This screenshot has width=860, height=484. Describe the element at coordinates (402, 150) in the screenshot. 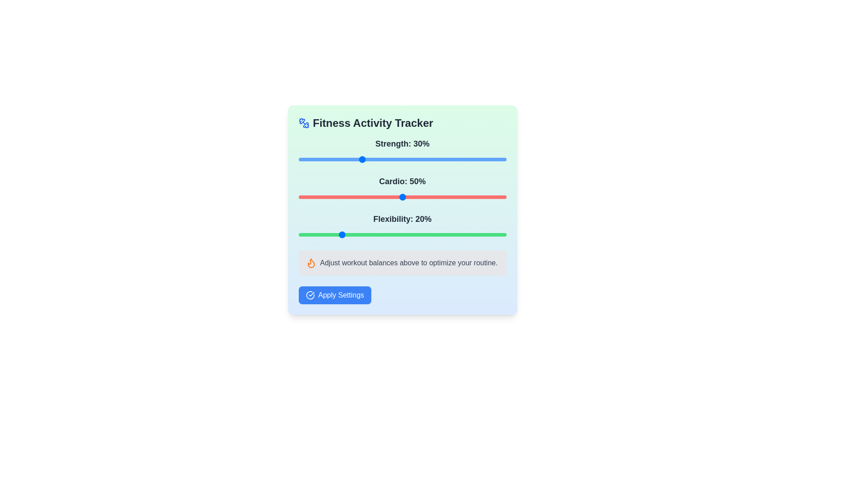

I see `the slider control labeled 'Strength: 30%'` at that location.